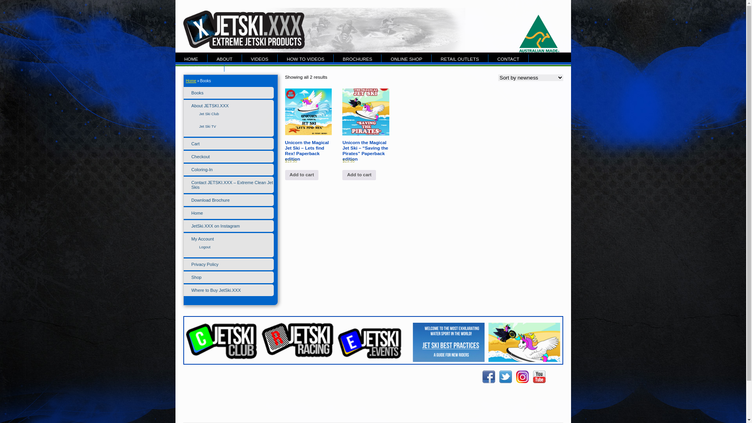 This screenshot has width=752, height=423. Describe the element at coordinates (204, 247) in the screenshot. I see `'Logout'` at that location.